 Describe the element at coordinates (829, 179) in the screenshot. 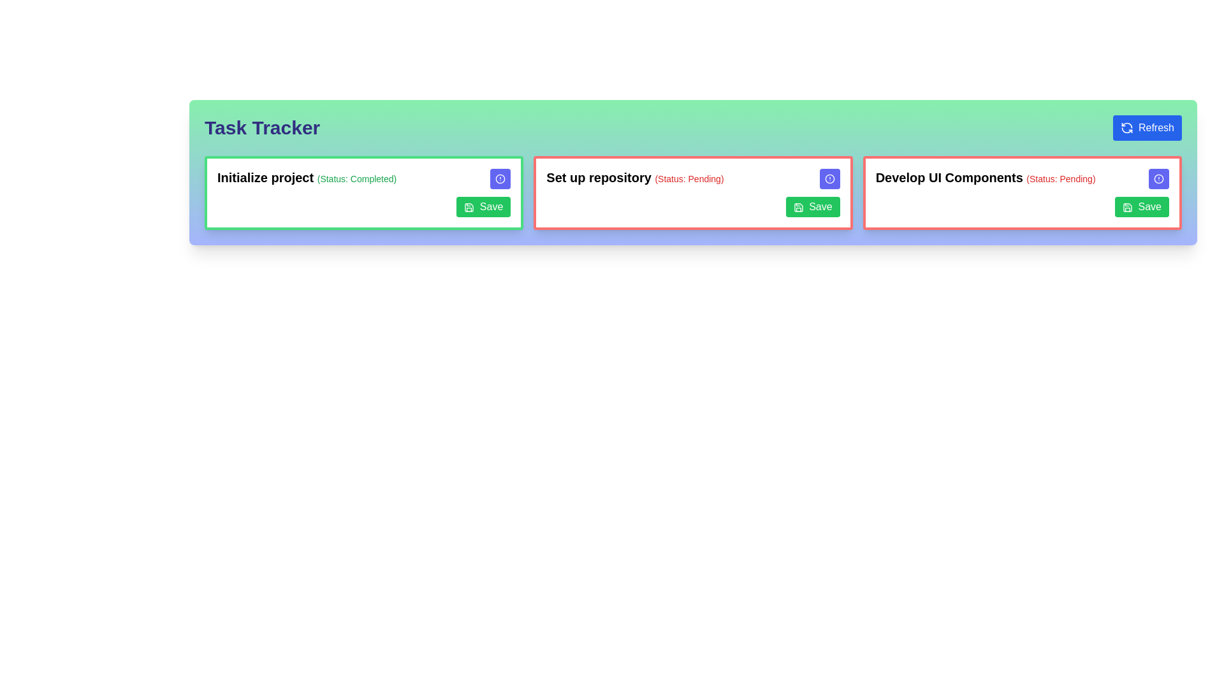

I see `the small circular alert icon with a blue background and white border, located within the 'Set up repository' card` at that location.